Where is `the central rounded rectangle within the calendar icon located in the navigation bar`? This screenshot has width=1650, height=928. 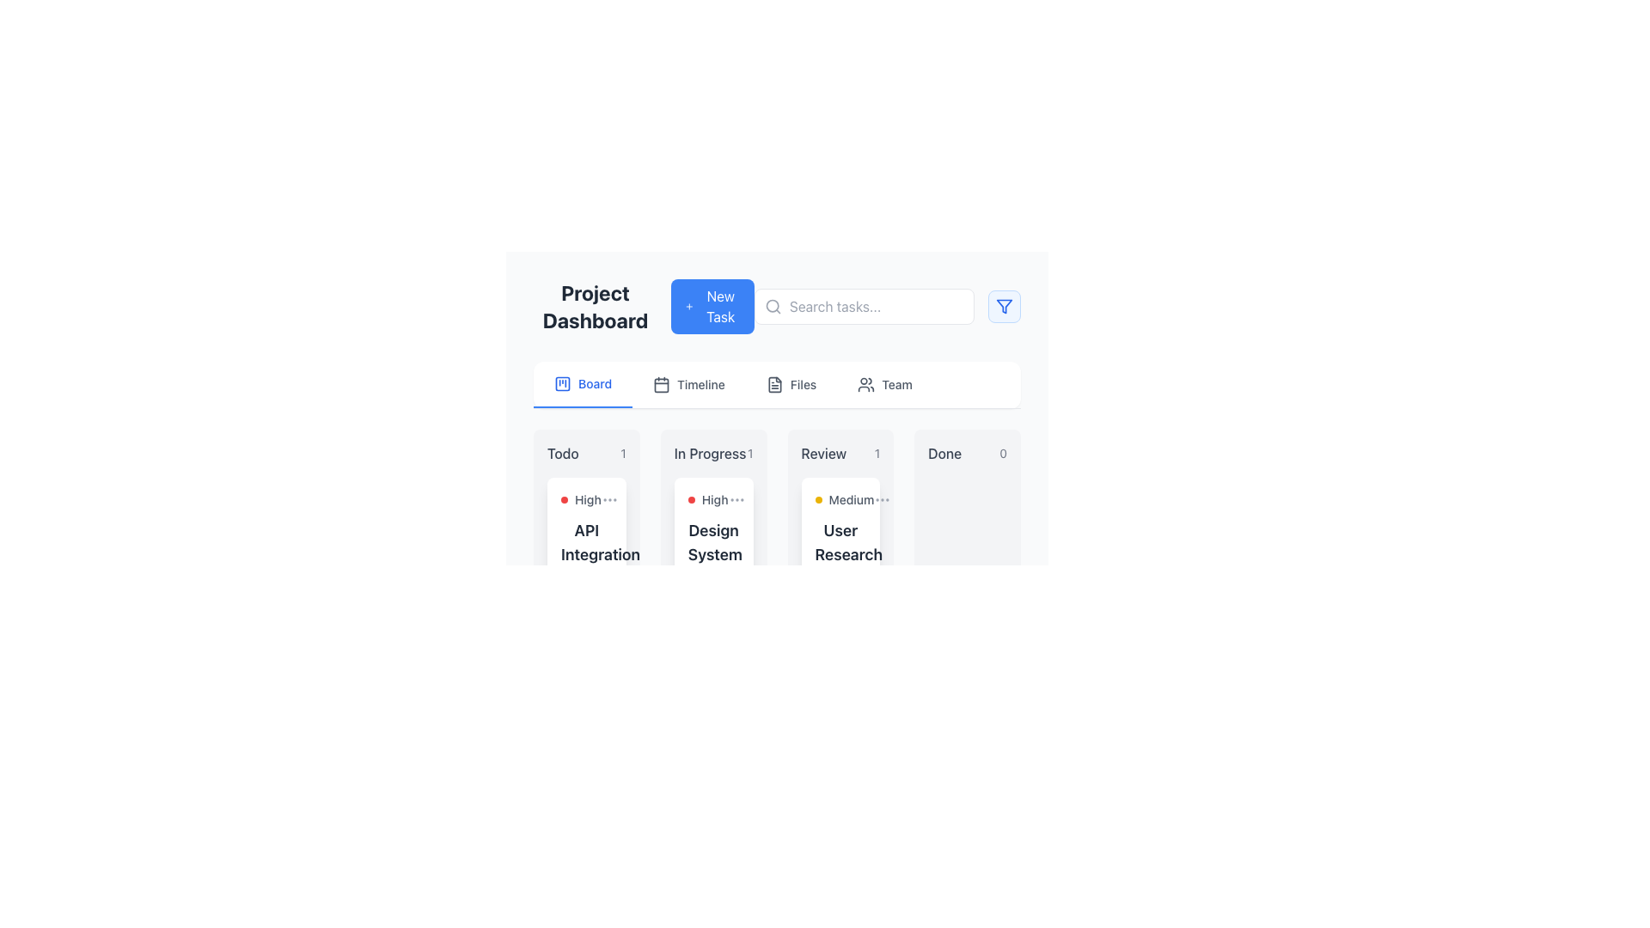
the central rounded rectangle within the calendar icon located in the navigation bar is located at coordinates (661, 384).